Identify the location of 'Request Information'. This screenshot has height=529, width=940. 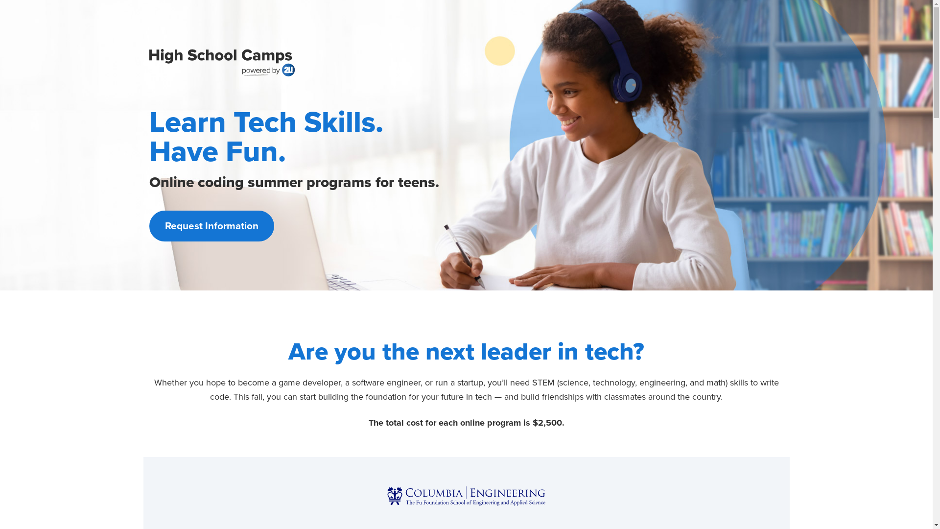
(211, 226).